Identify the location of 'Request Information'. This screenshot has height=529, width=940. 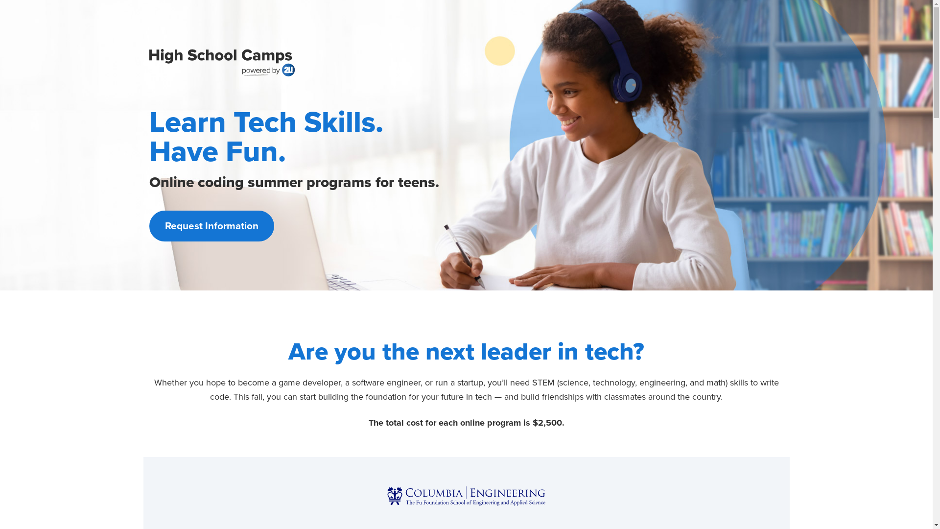
(211, 226).